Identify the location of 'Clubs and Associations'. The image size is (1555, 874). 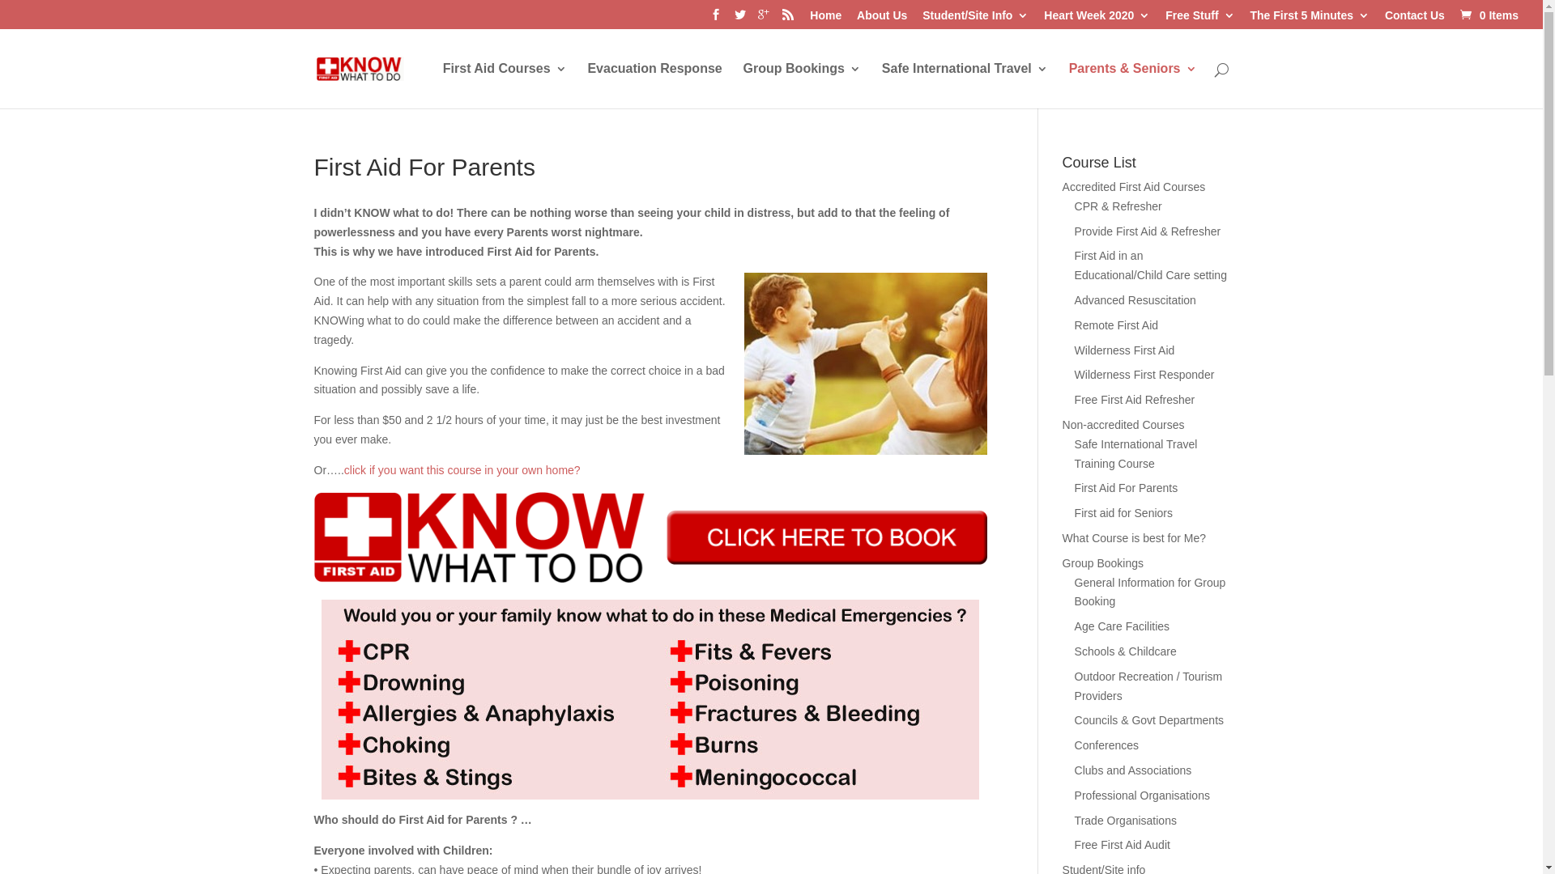
(1132, 770).